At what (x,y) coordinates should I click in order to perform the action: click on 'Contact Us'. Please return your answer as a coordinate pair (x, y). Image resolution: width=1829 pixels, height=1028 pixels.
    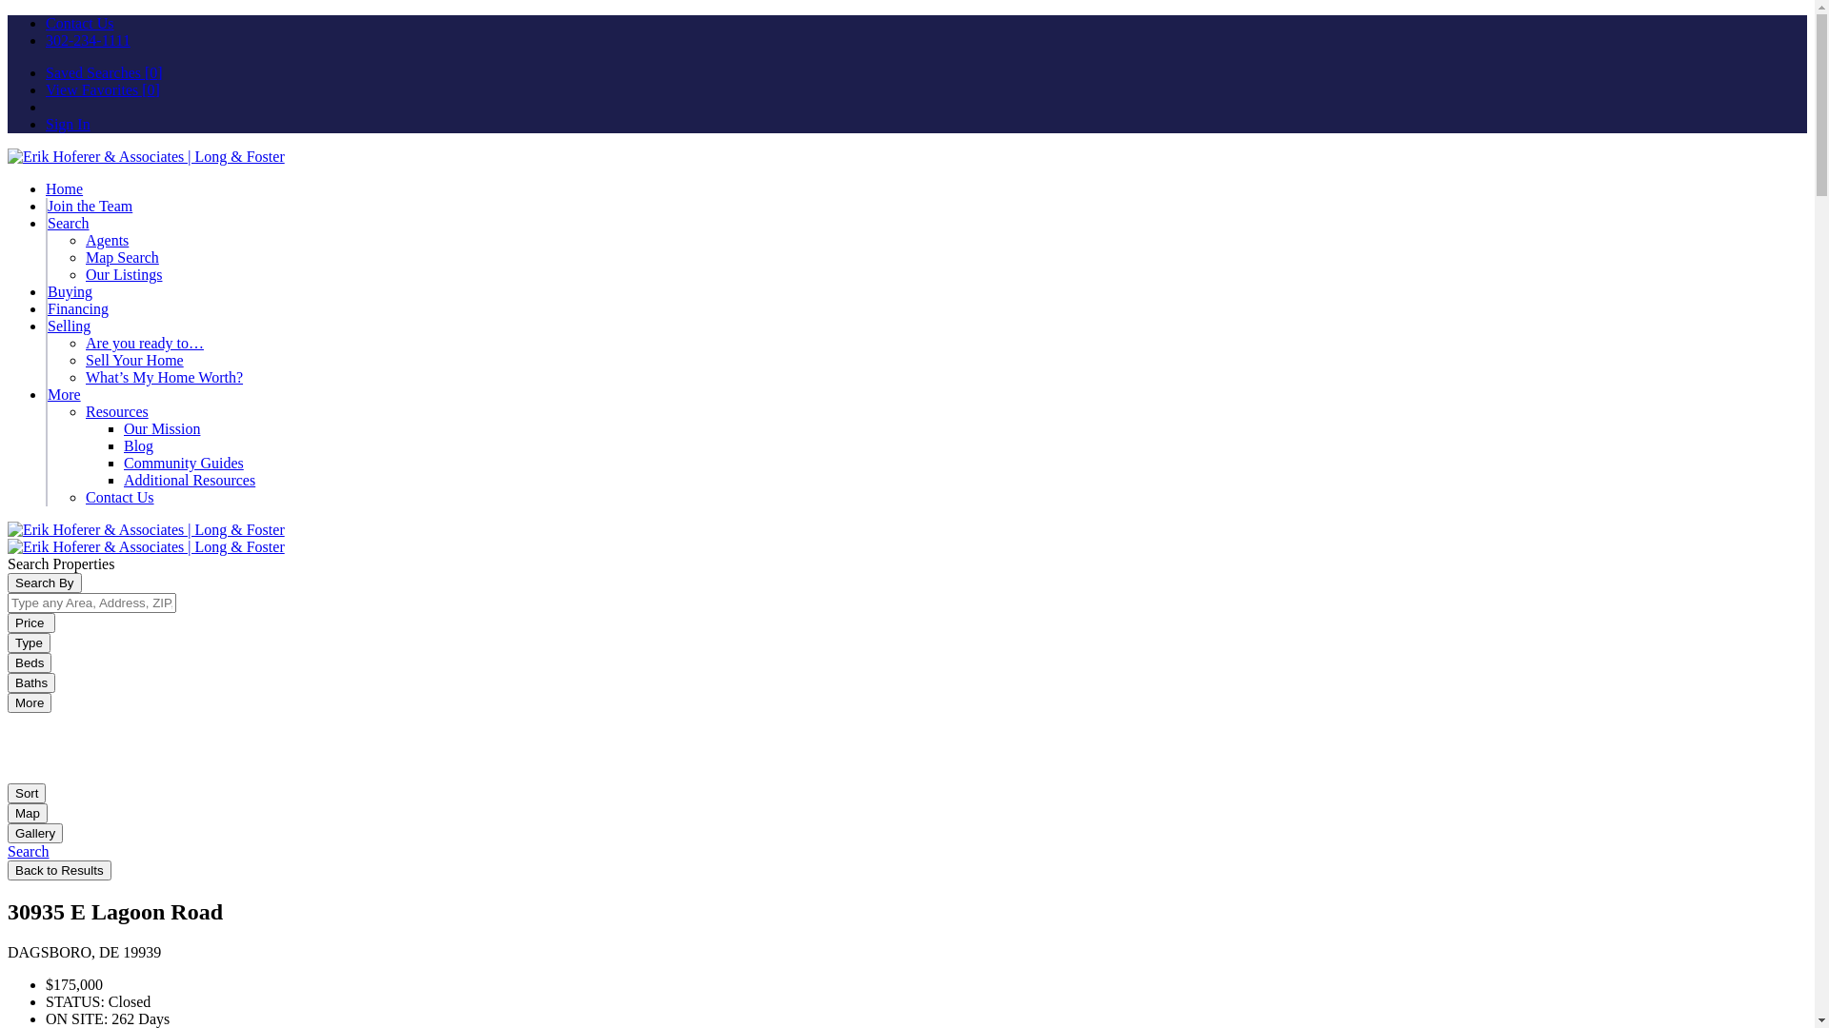
    Looking at the image, I should click on (78, 23).